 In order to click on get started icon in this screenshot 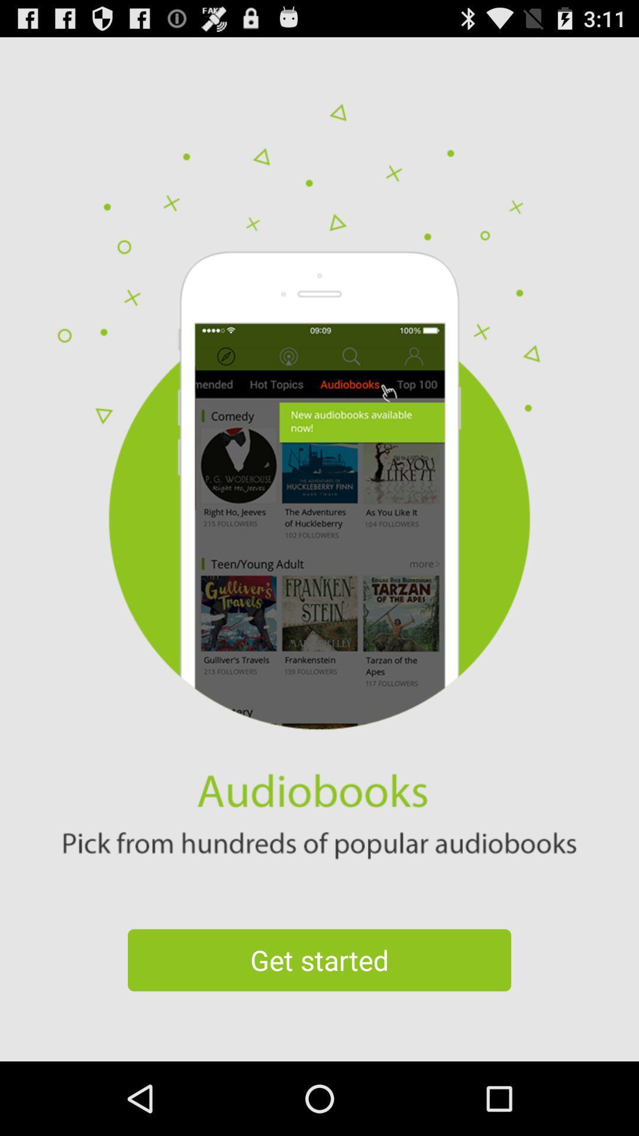, I will do `click(319, 960)`.